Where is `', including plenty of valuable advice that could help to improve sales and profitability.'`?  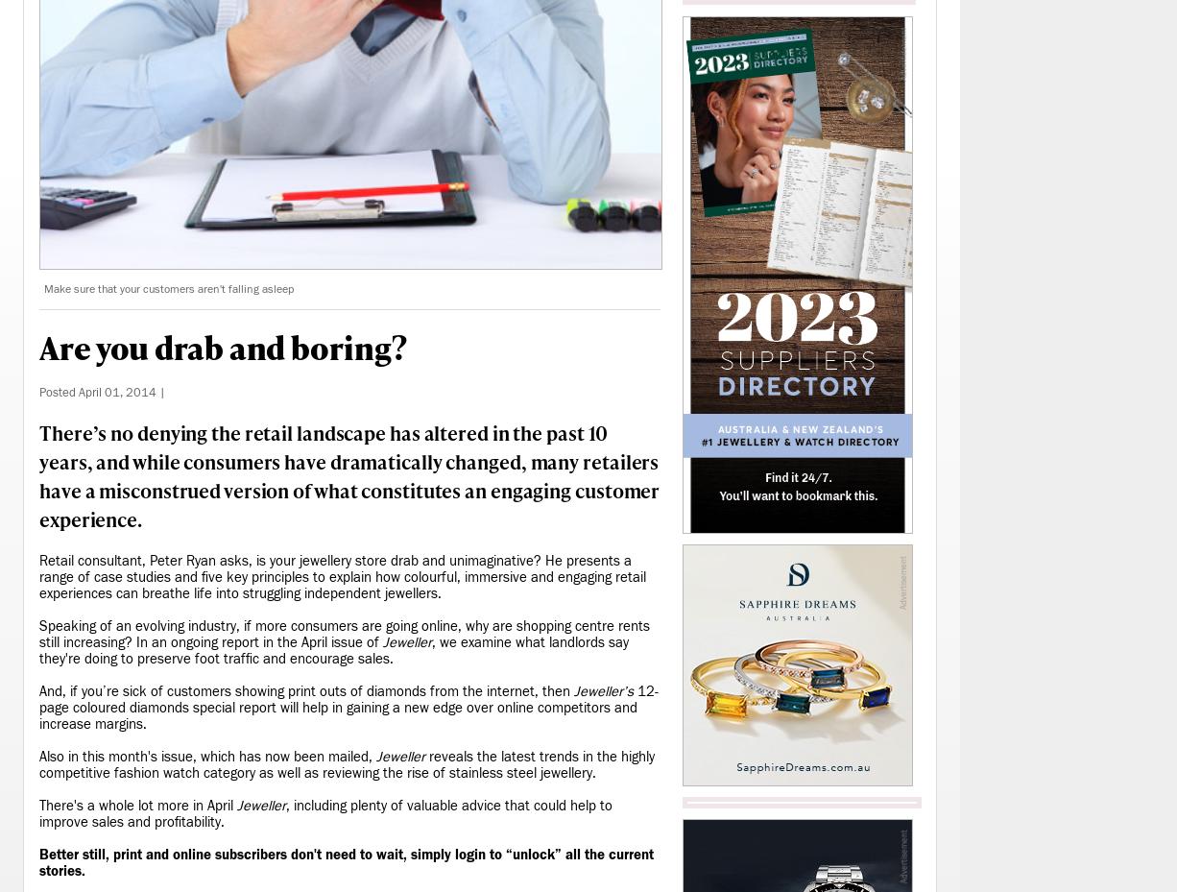 ', including plenty of valuable advice that could help to improve sales and profitability.' is located at coordinates (324, 813).